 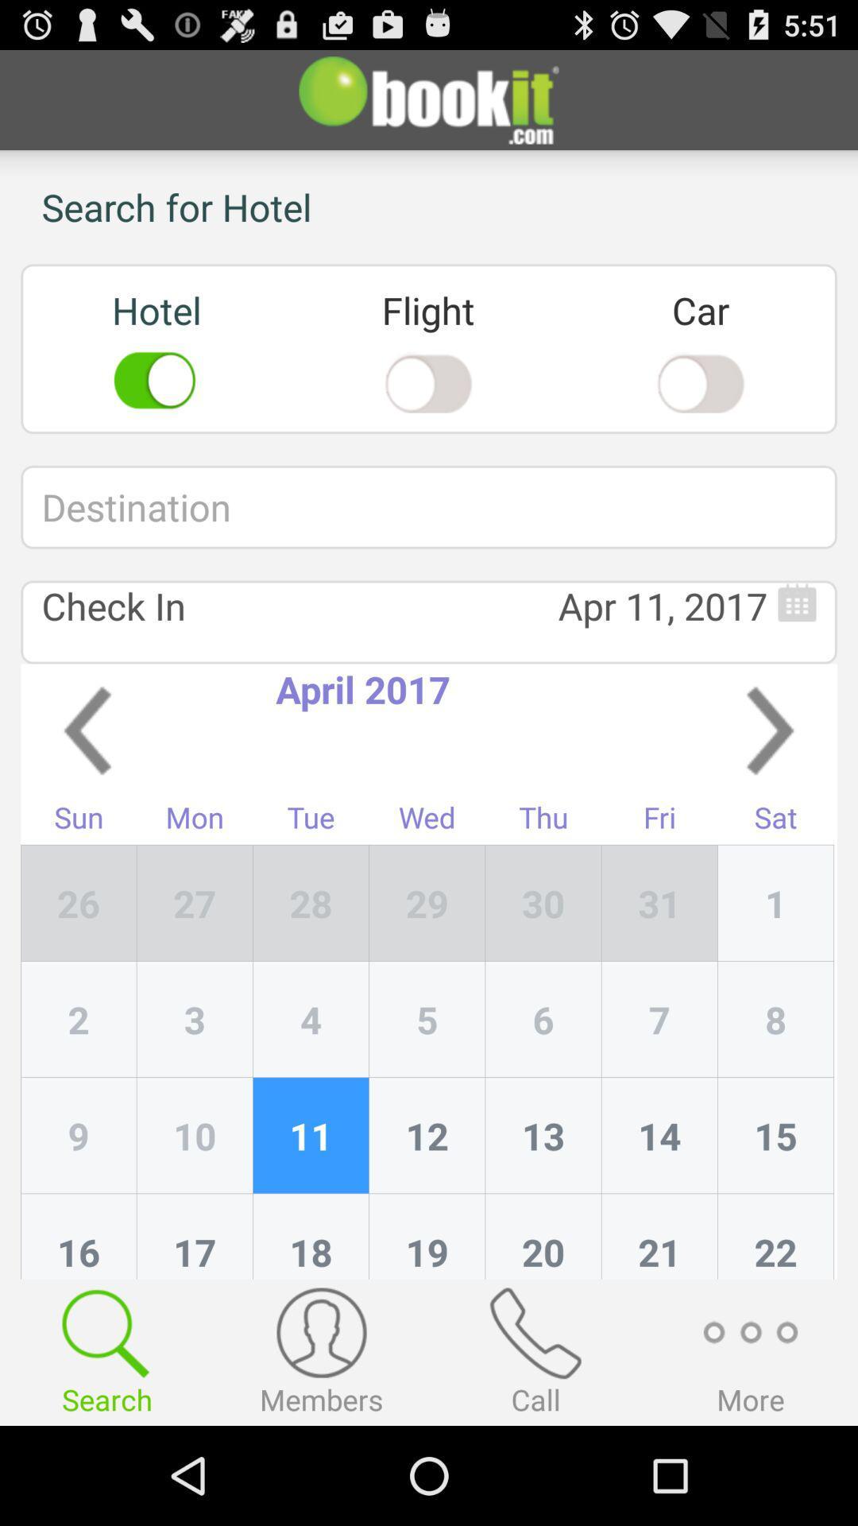 I want to click on the item to the left of 7 icon, so click(x=543, y=1135).